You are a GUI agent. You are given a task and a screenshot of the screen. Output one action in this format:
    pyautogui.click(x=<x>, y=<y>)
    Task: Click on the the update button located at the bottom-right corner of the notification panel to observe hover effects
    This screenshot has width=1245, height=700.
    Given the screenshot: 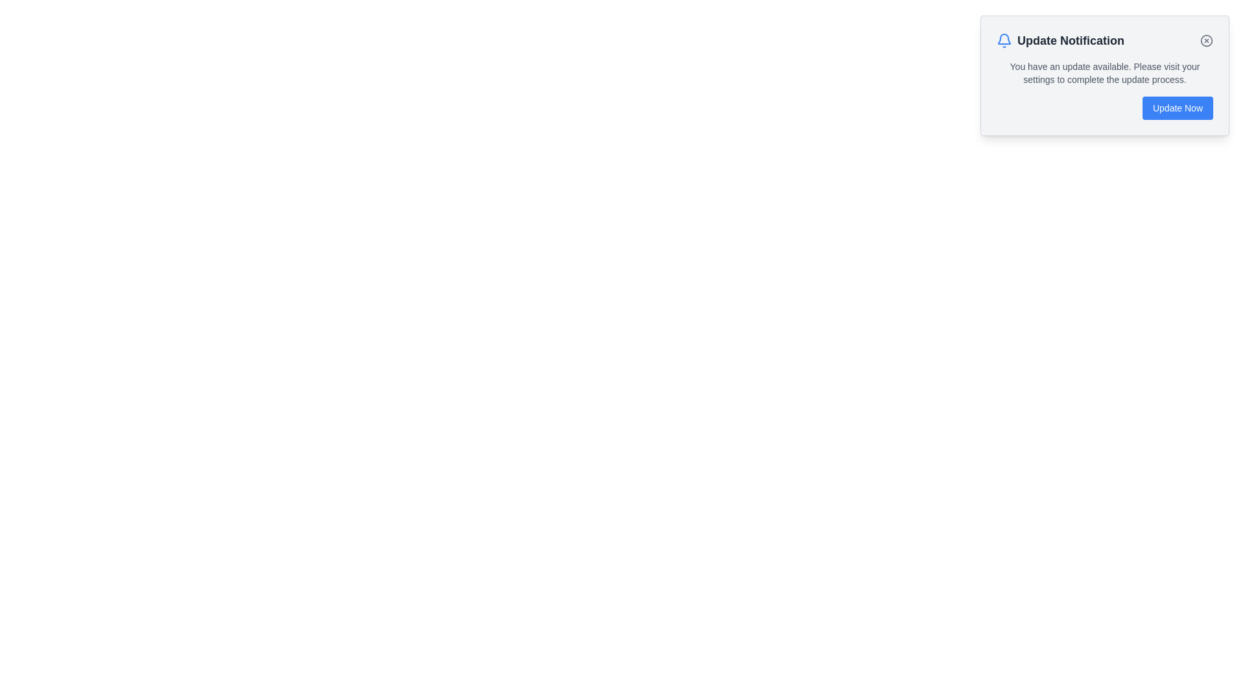 What is the action you would take?
    pyautogui.click(x=1178, y=107)
    